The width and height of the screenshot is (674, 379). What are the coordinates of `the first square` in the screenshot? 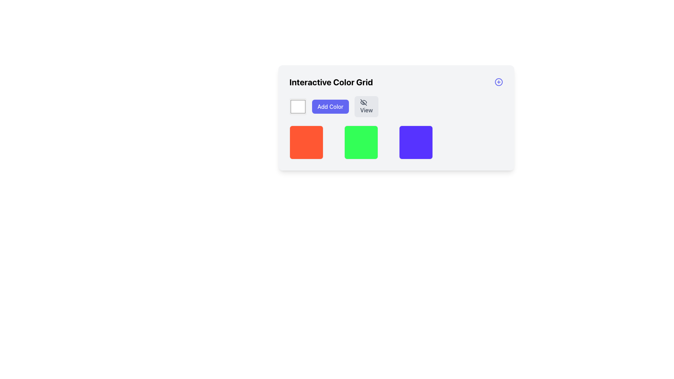 It's located at (306, 142).